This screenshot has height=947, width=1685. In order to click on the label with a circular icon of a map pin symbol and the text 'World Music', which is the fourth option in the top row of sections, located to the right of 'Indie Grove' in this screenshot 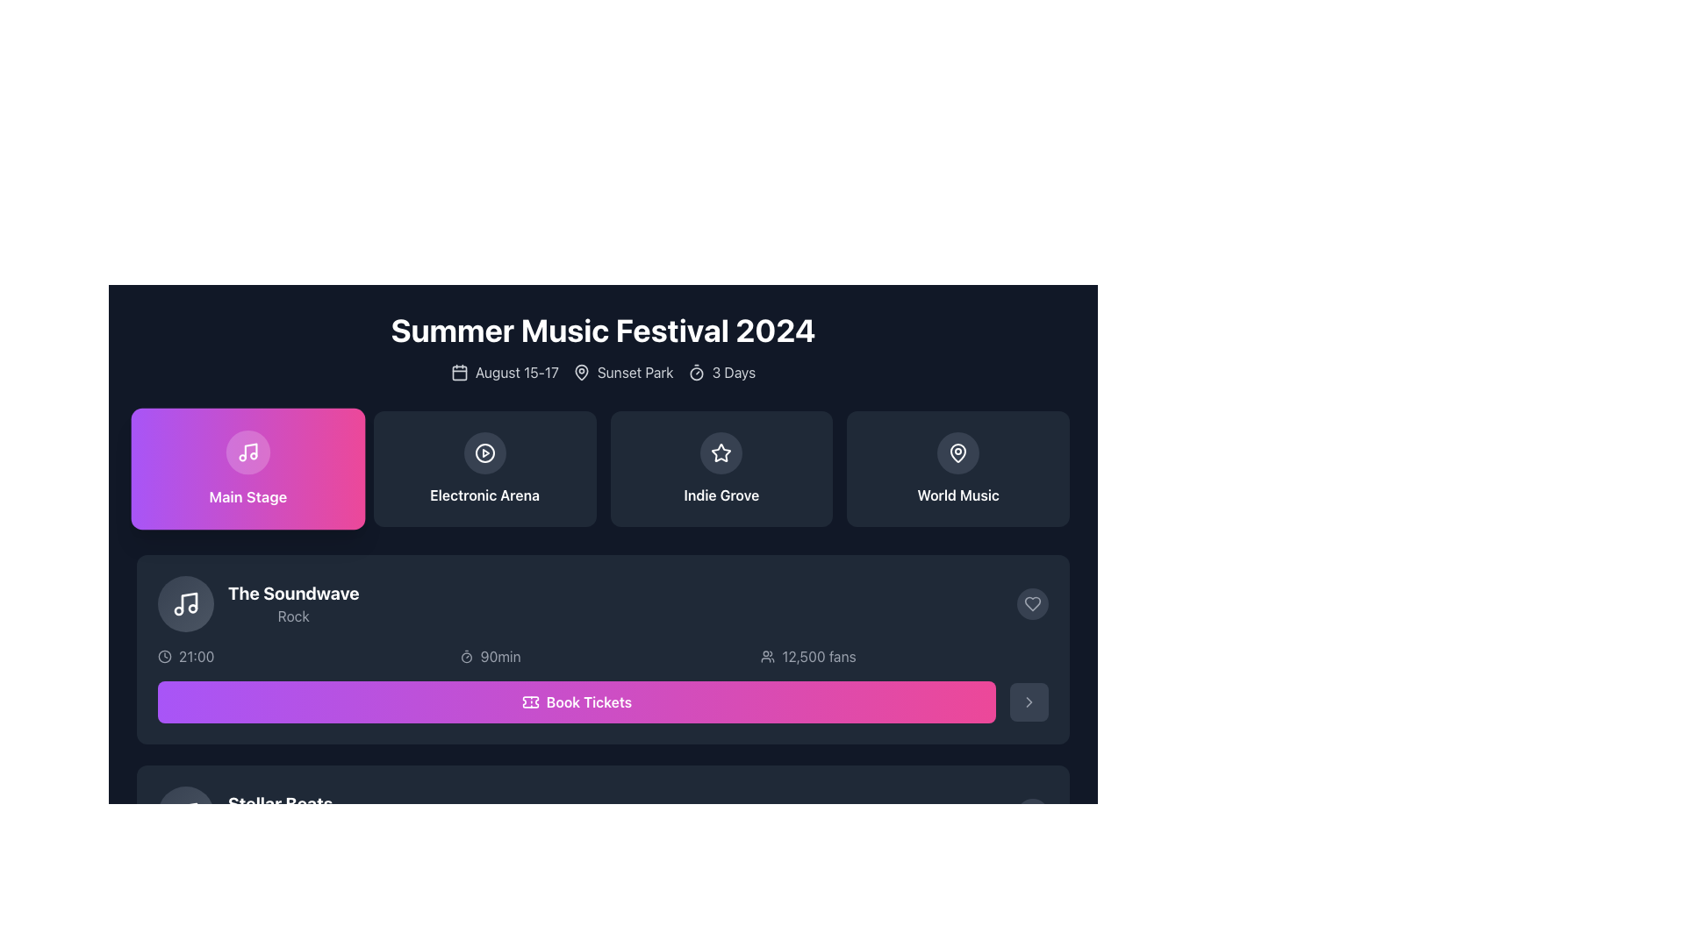, I will do `click(957, 468)`.